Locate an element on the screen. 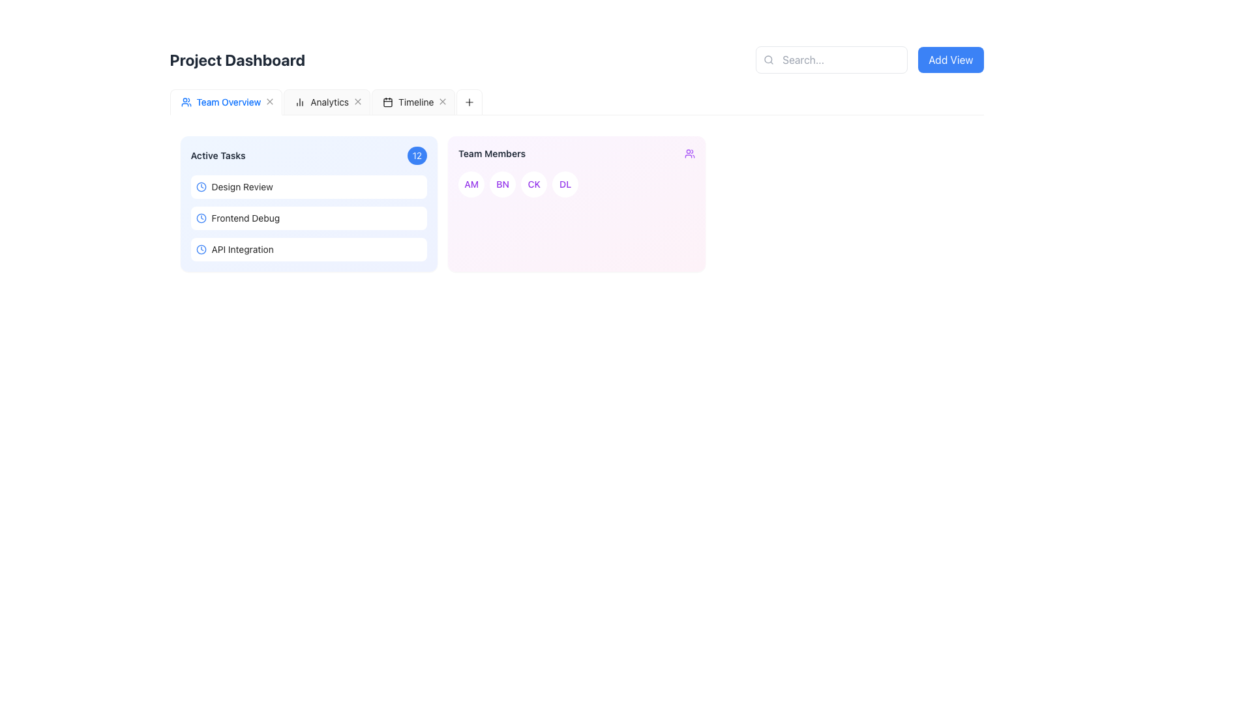  the 'Analytics' navigation tab, which is the second text element in a horizontal sequence of three tabs is located at coordinates (329, 102).